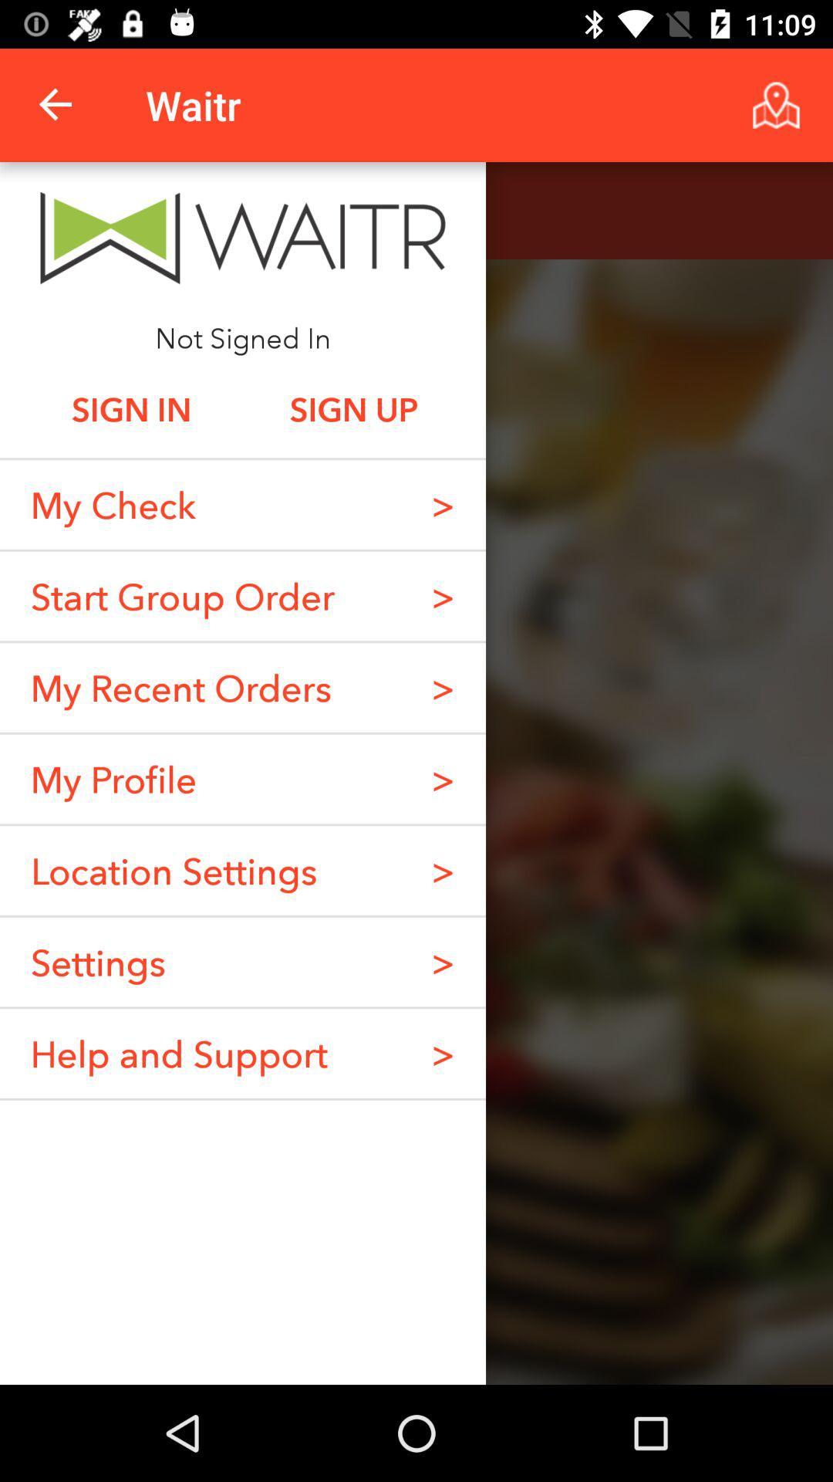  I want to click on item next to help and support item, so click(443, 1052).